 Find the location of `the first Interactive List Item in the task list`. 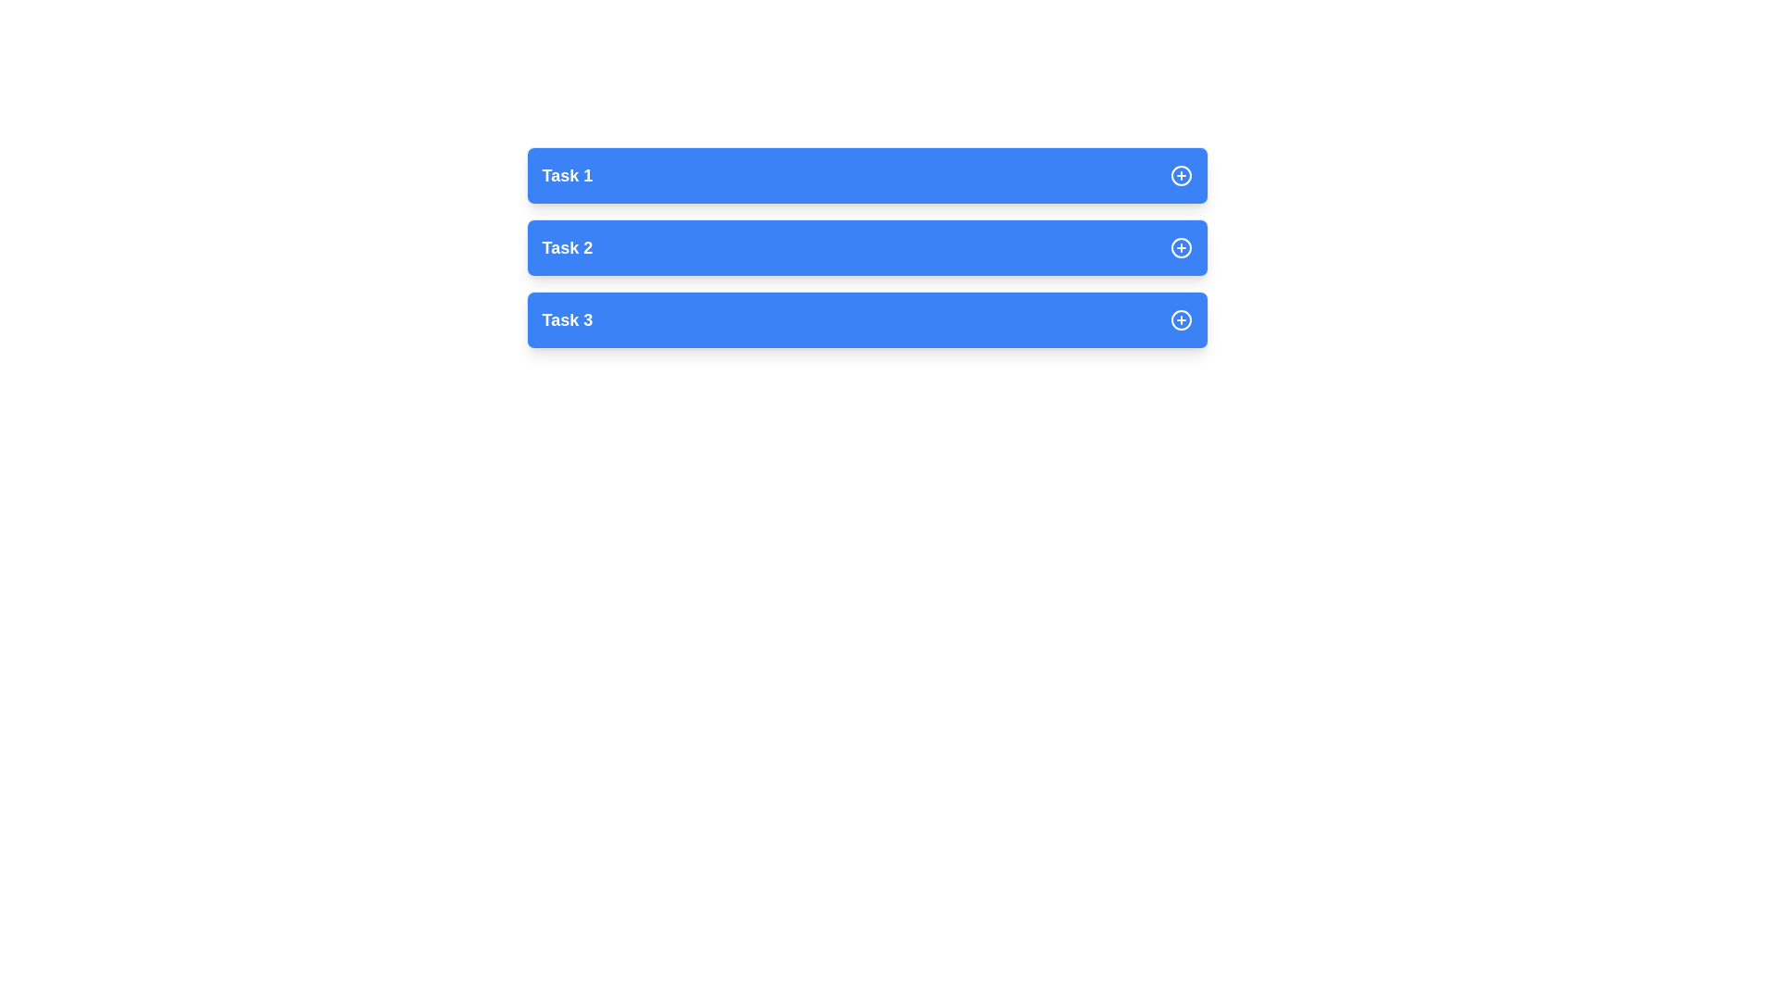

the first Interactive List Item in the task list is located at coordinates (866, 175).